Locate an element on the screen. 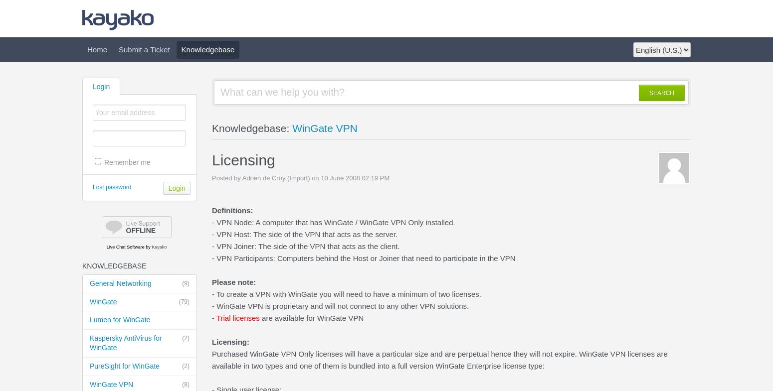  '- VPN Host: The side of the VPN that acts as the server.' is located at coordinates (305, 234).